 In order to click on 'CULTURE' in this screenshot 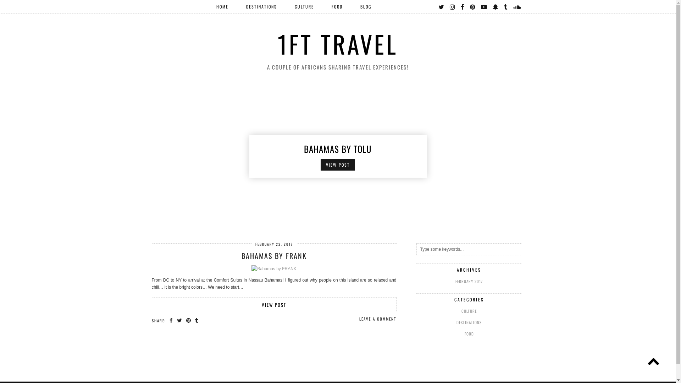, I will do `click(469, 310)`.